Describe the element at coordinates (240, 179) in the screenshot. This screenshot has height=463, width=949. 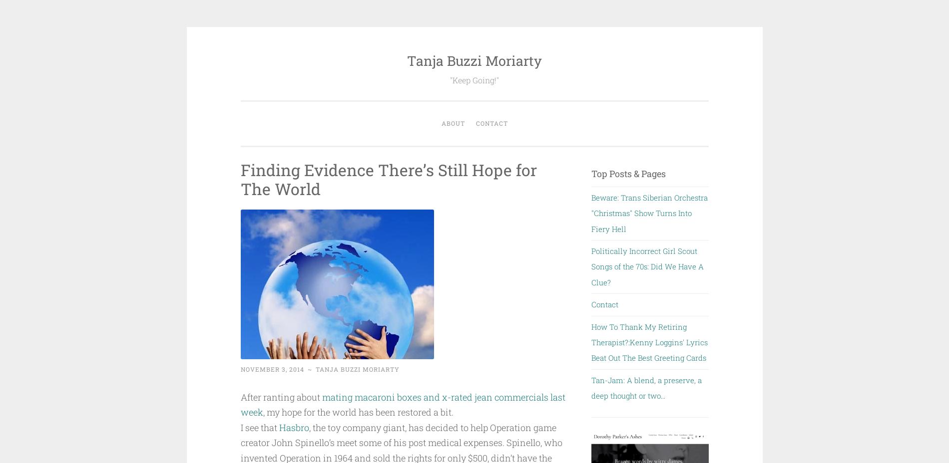
I see `'Finding Evidence There’s Still Hope for The World'` at that location.